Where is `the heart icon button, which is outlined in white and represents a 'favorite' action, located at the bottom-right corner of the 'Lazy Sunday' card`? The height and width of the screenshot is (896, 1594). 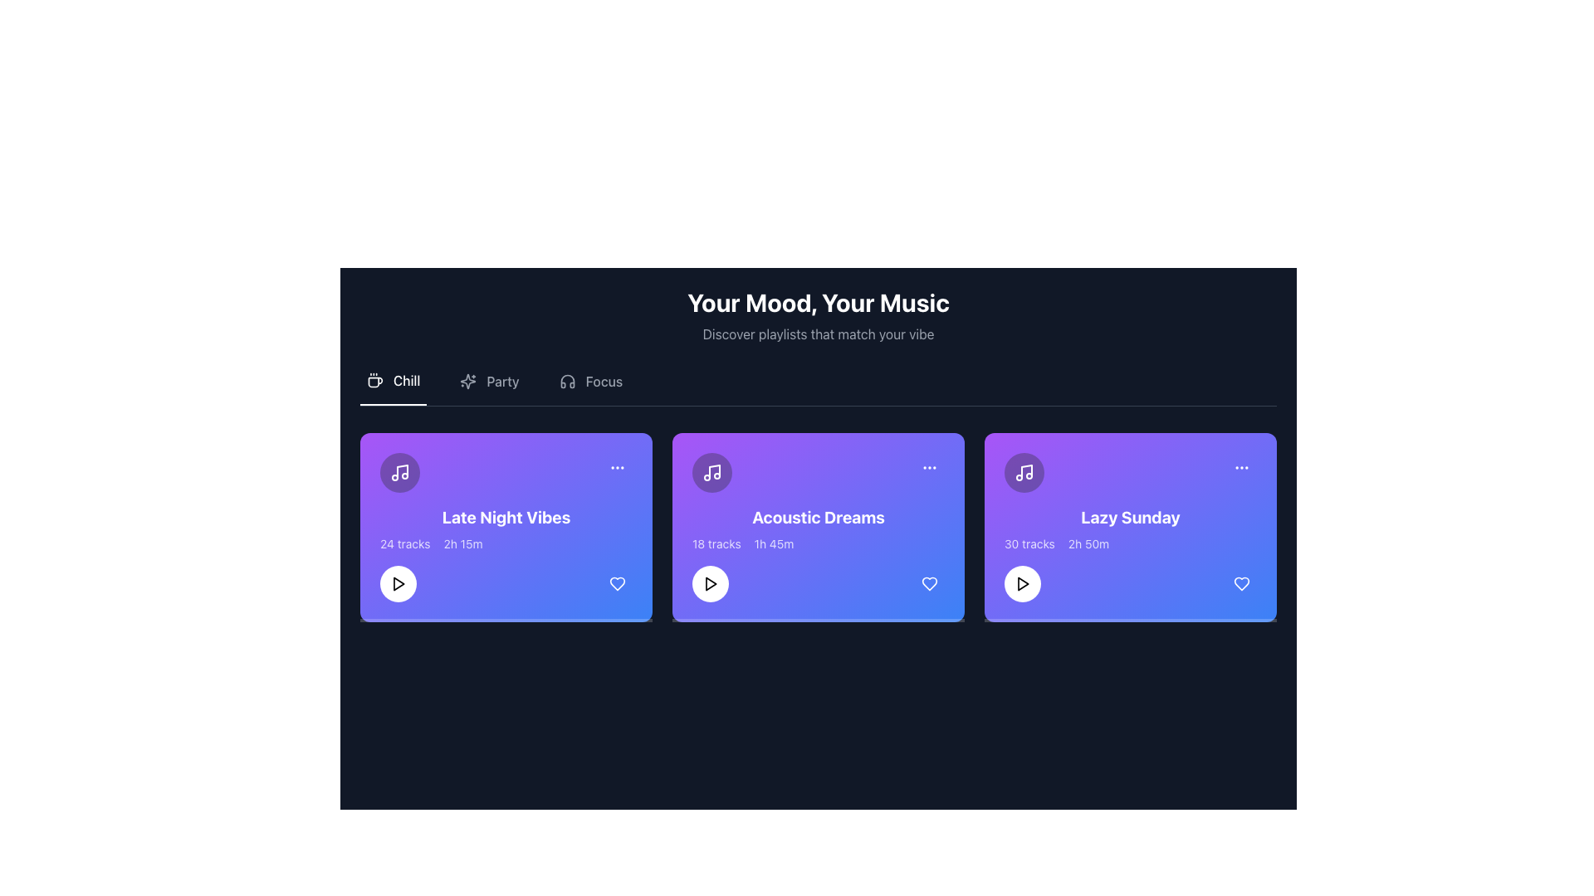 the heart icon button, which is outlined in white and represents a 'favorite' action, located at the bottom-right corner of the 'Lazy Sunday' card is located at coordinates (1242, 583).